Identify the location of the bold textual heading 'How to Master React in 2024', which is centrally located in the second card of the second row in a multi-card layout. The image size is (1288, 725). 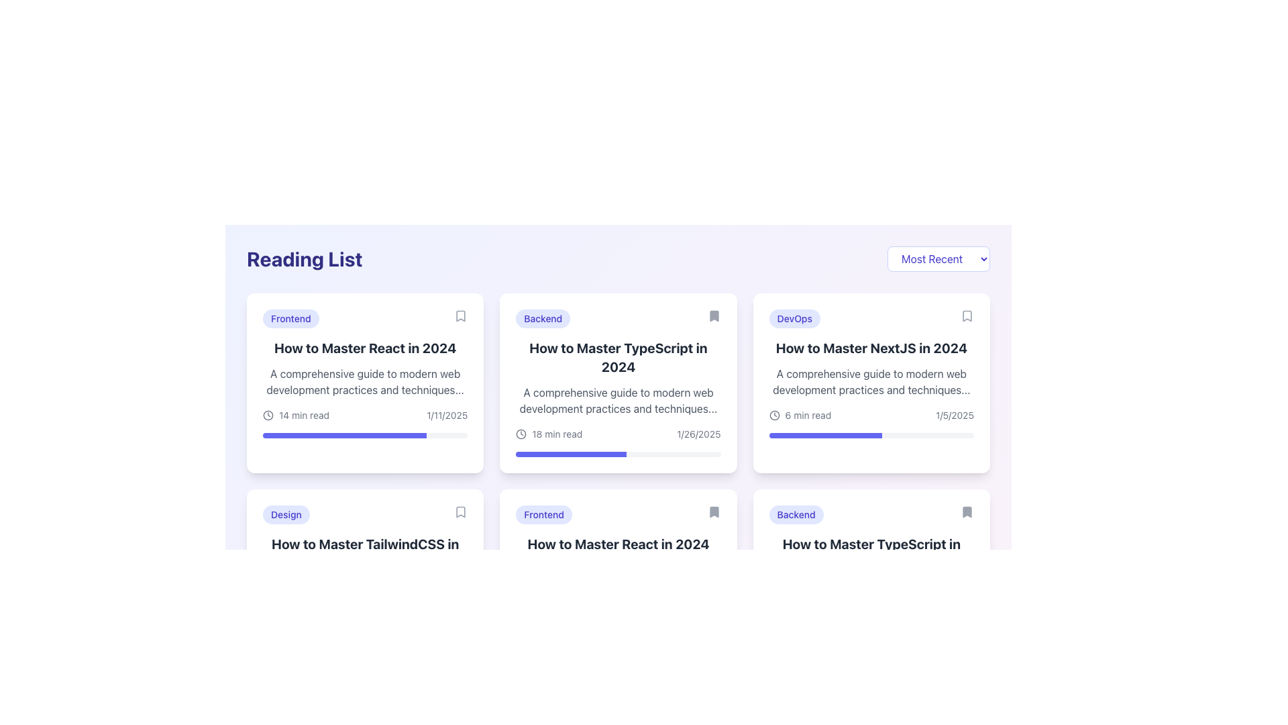
(617, 544).